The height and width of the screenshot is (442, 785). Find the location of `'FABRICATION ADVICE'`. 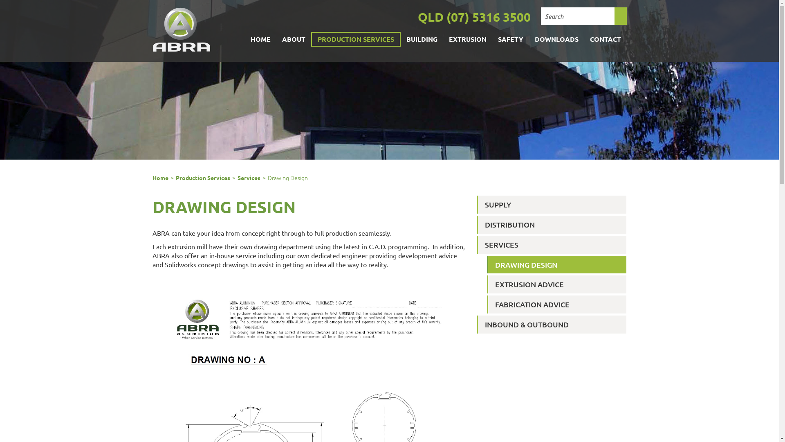

'FABRICATION ADVICE' is located at coordinates (556, 304).